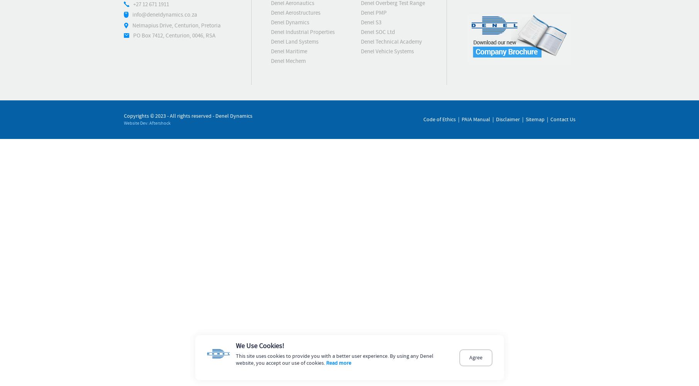 This screenshot has width=699, height=386. I want to click on 'This site uses cookies to provide you with a better user experience. By using any Denel website,
              you accept our use of cookies.', so click(334, 360).